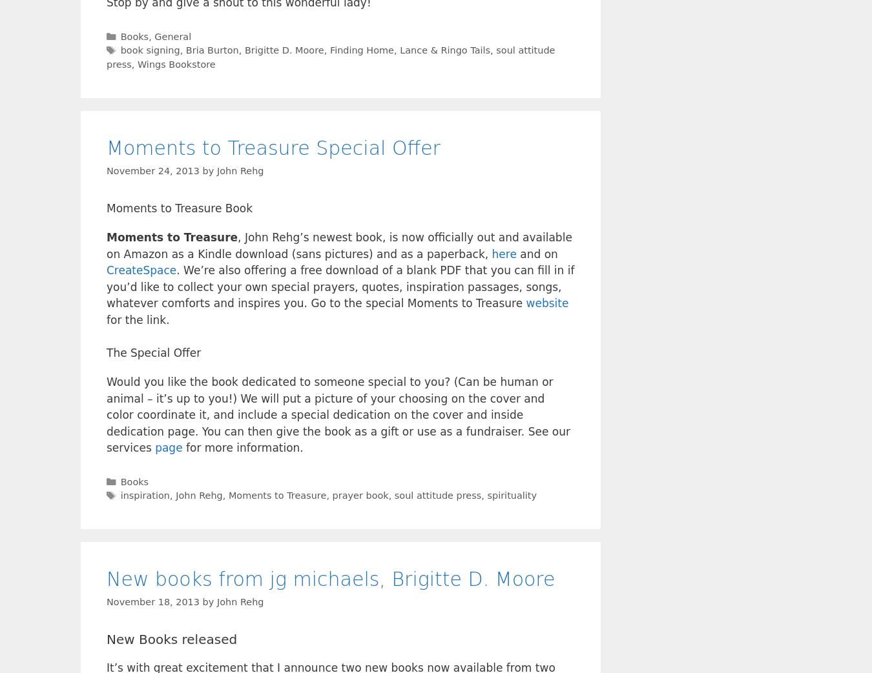  What do you see at coordinates (149, 50) in the screenshot?
I see `'book signing'` at bounding box center [149, 50].